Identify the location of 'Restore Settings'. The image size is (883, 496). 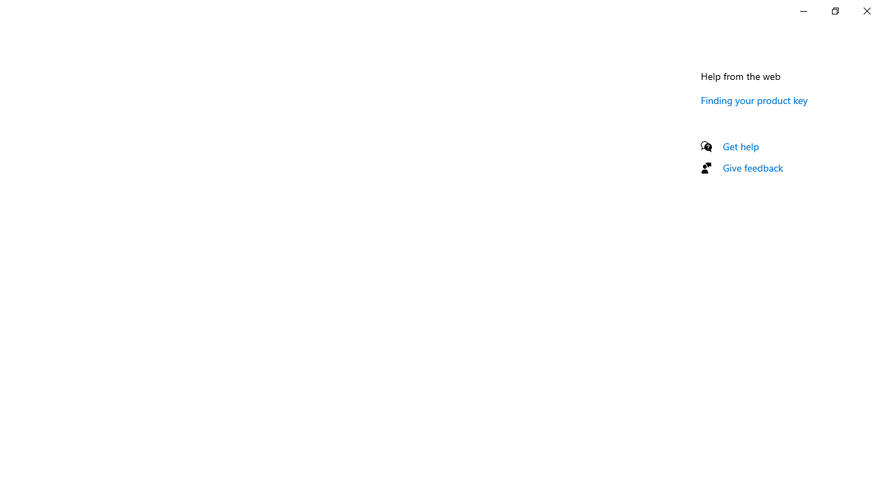
(834, 10).